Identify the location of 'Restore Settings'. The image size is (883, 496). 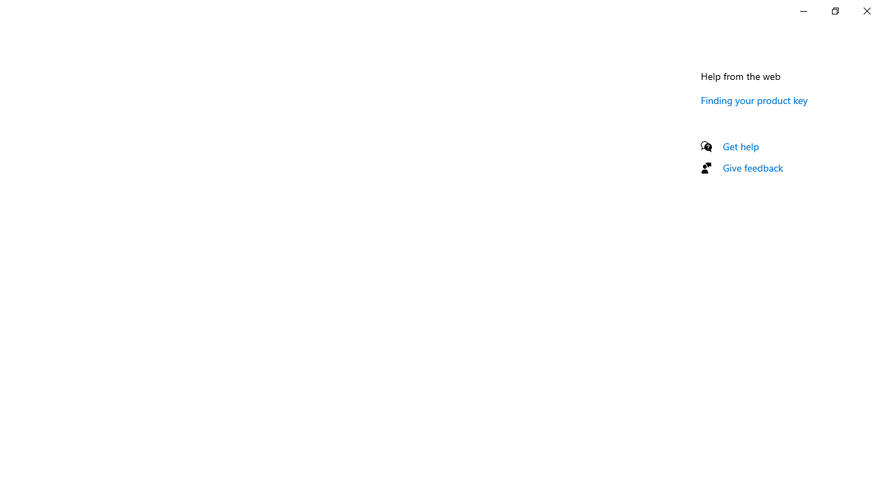
(834, 10).